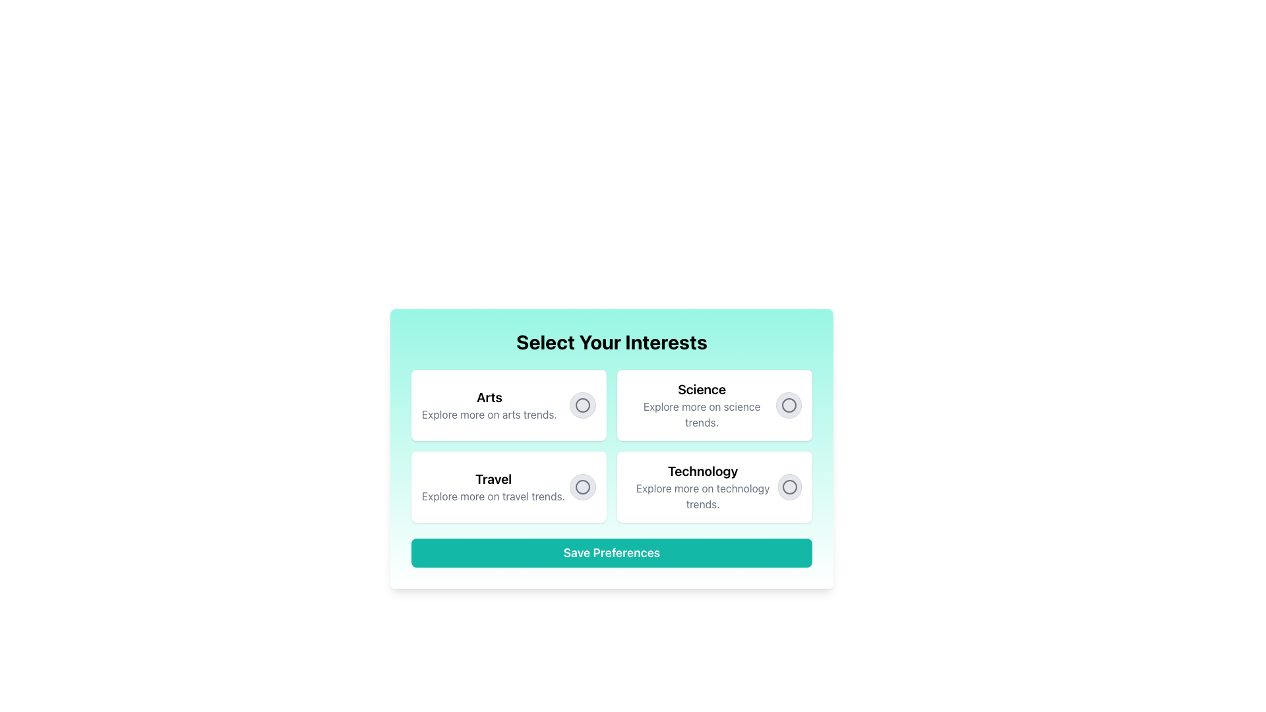  I want to click on the second card in the grid layout, which provides information about 'Science' trends, so click(714, 404).